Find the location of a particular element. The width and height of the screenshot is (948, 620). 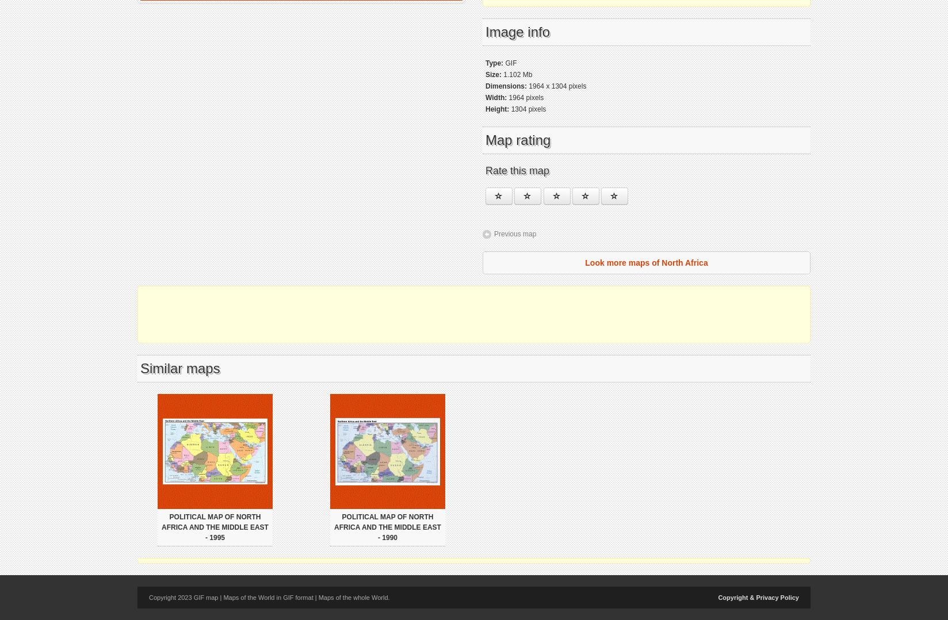

'1.102 Mb' is located at coordinates (517, 75).